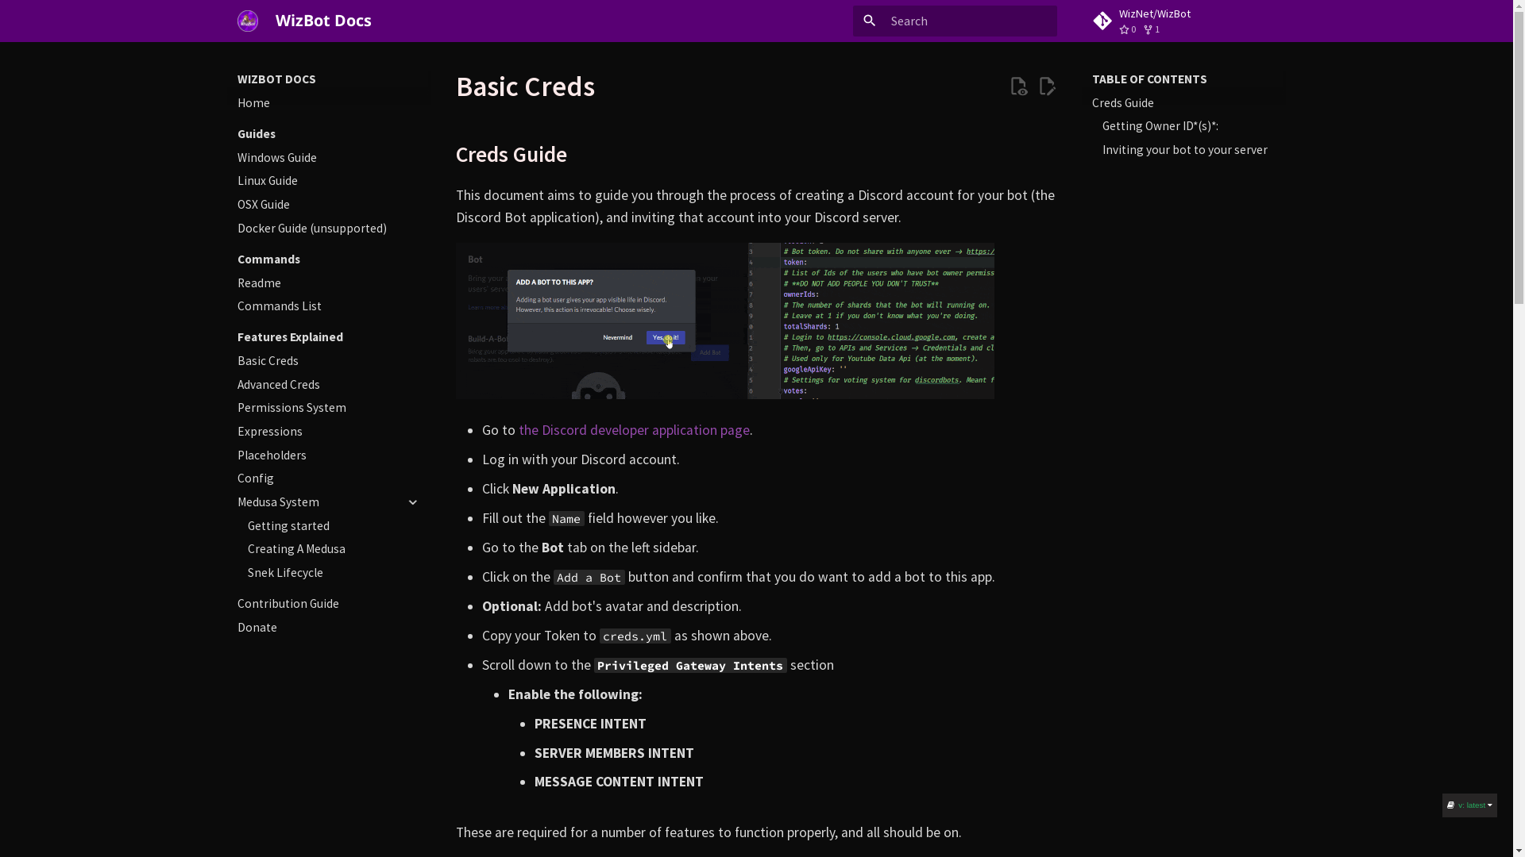 The height and width of the screenshot is (857, 1525). Describe the element at coordinates (328, 306) in the screenshot. I see `'Commands List'` at that location.